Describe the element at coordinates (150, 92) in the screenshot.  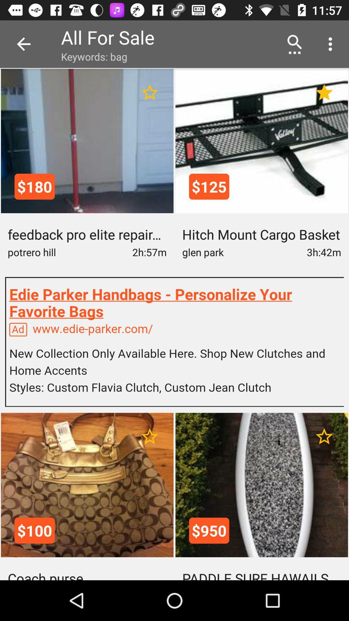
I see `favourite` at that location.